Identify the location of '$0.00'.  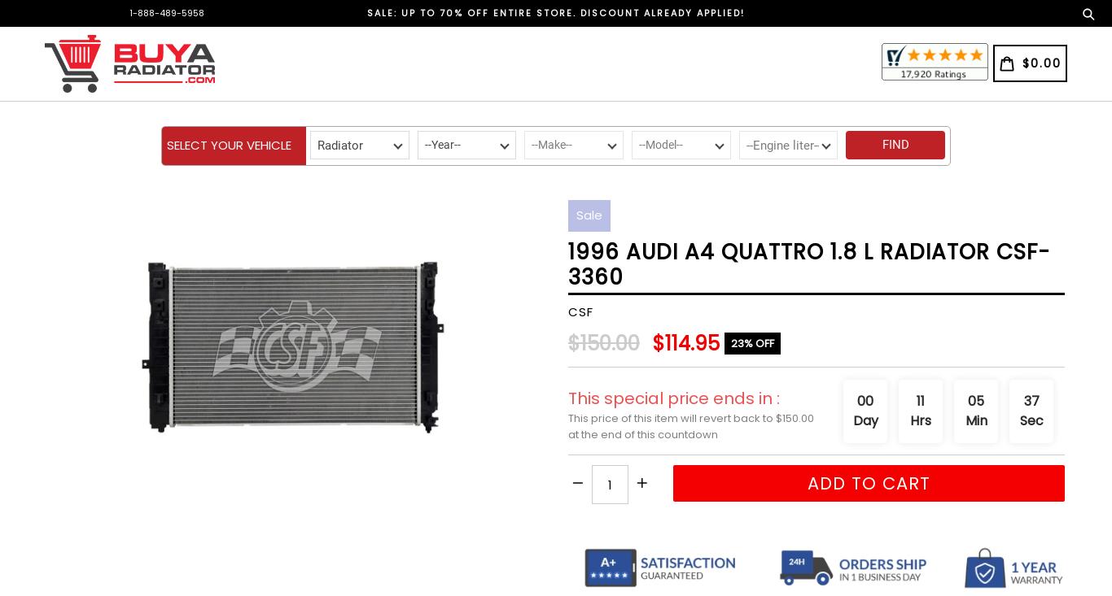
(1040, 63).